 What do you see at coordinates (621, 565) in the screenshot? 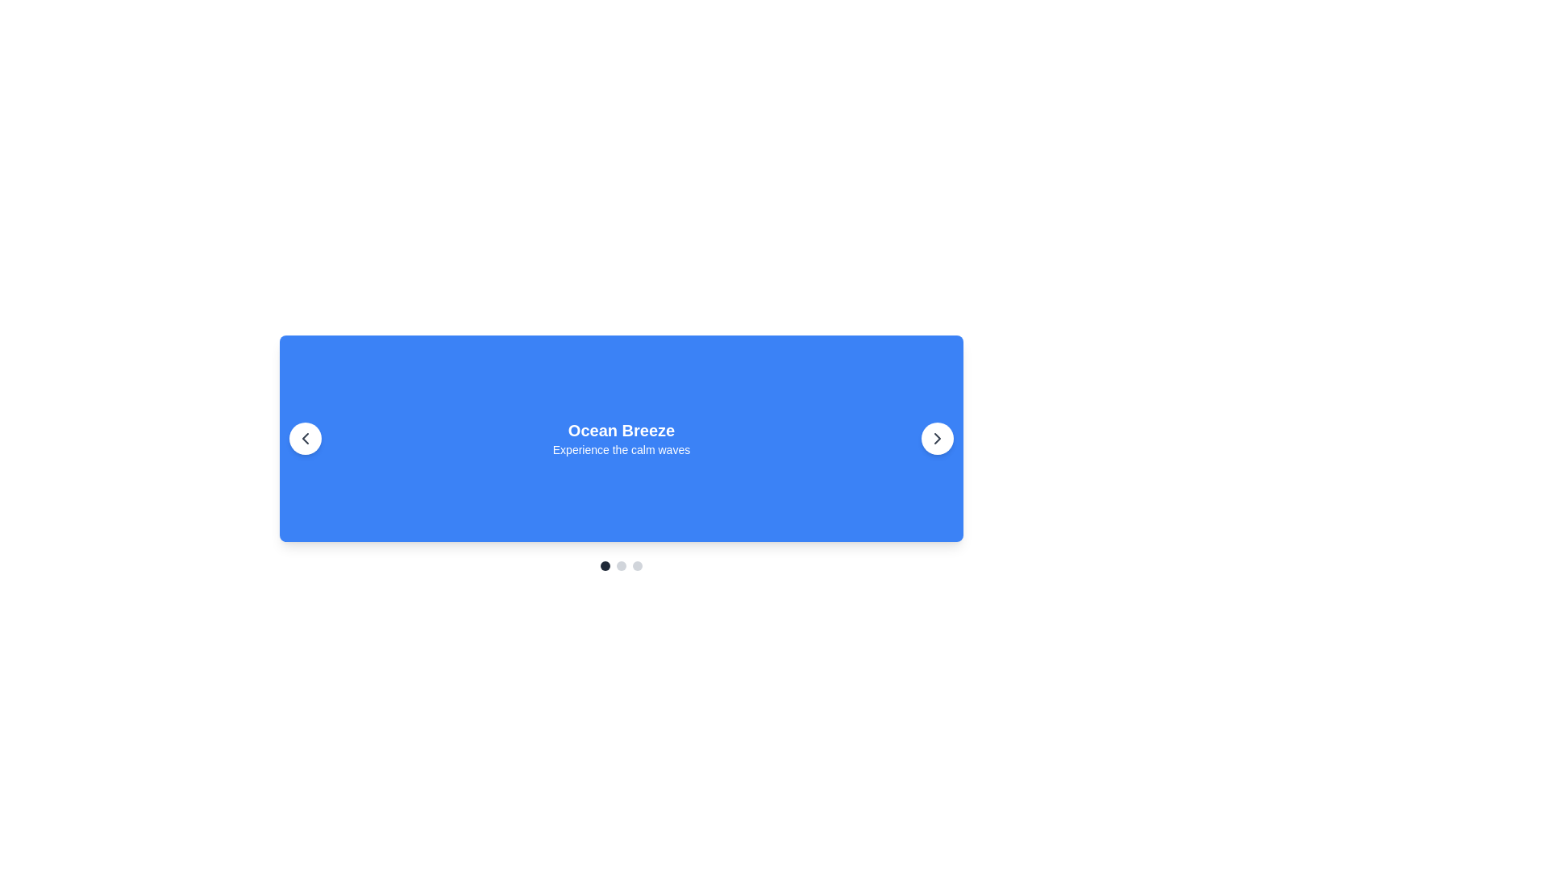
I see `the second Carousel navigation dot, which is a small light gray circular element located below the blue panel with the text 'Ocean Breeze Experience the calm waves'` at bounding box center [621, 565].